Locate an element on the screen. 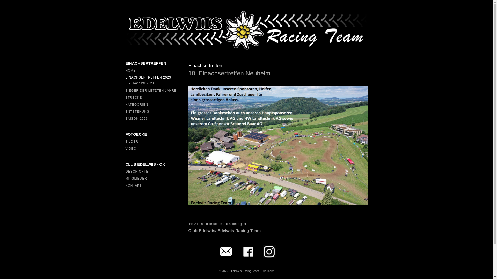  'VIDEO' is located at coordinates (130, 148).